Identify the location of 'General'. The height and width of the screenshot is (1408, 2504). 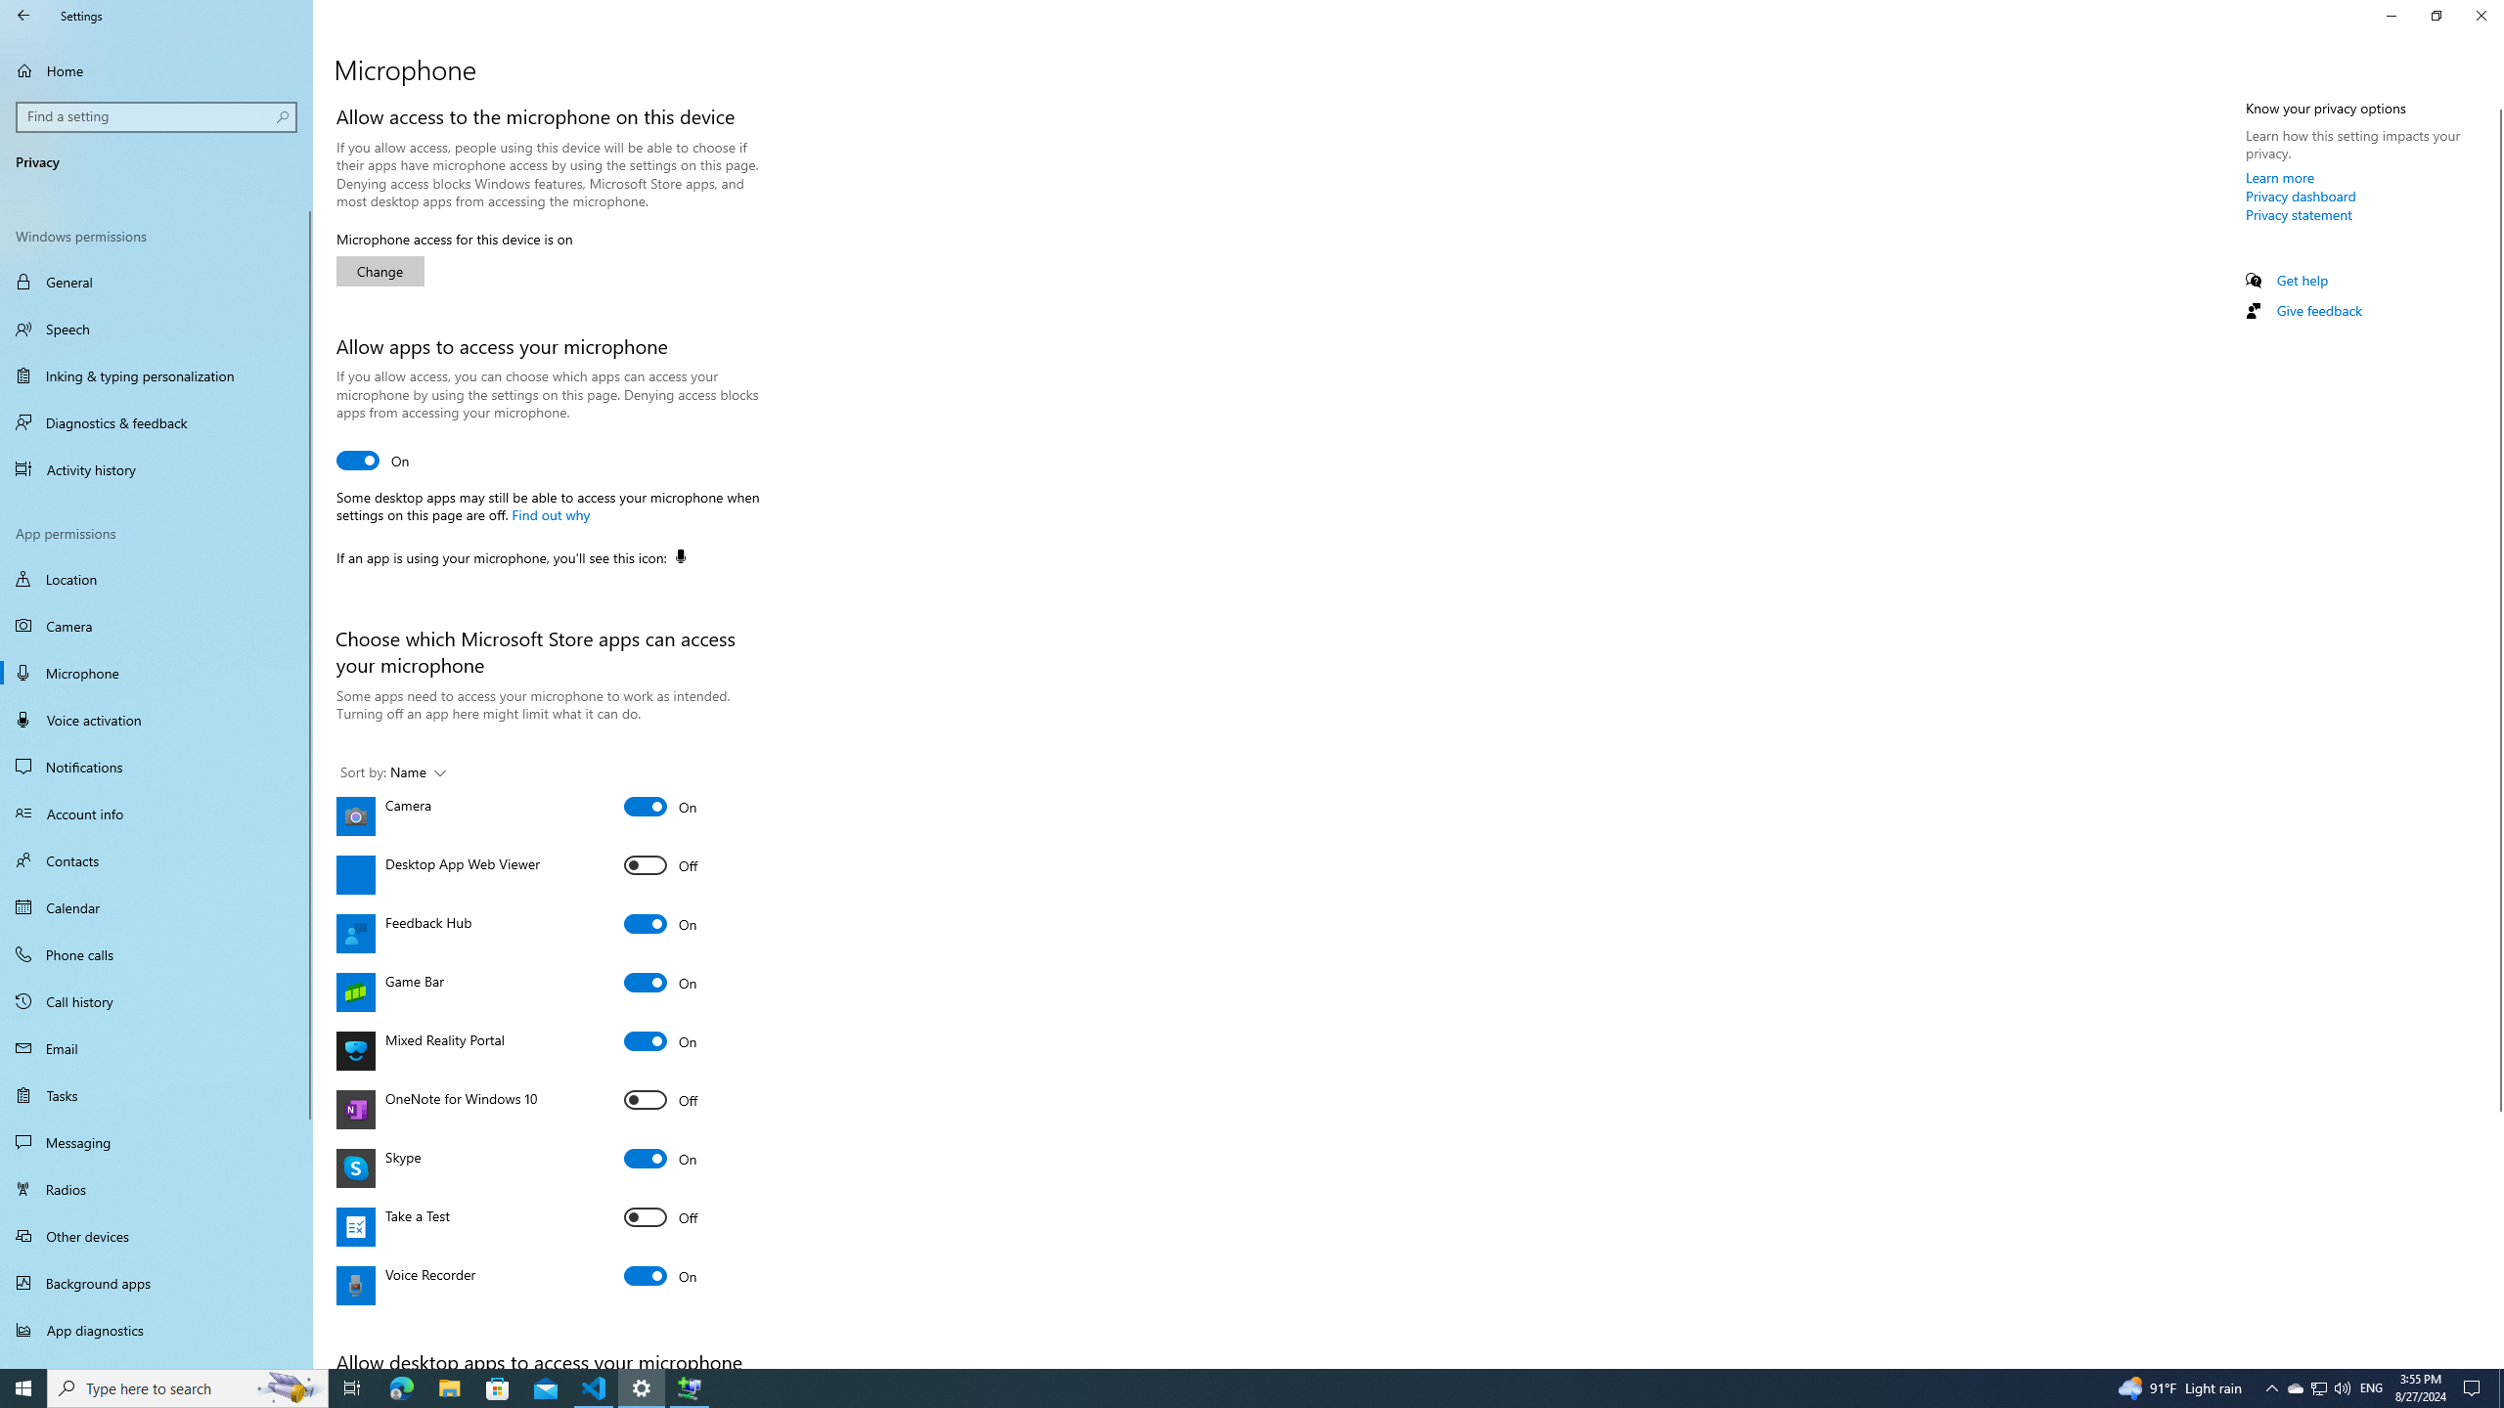
(156, 281).